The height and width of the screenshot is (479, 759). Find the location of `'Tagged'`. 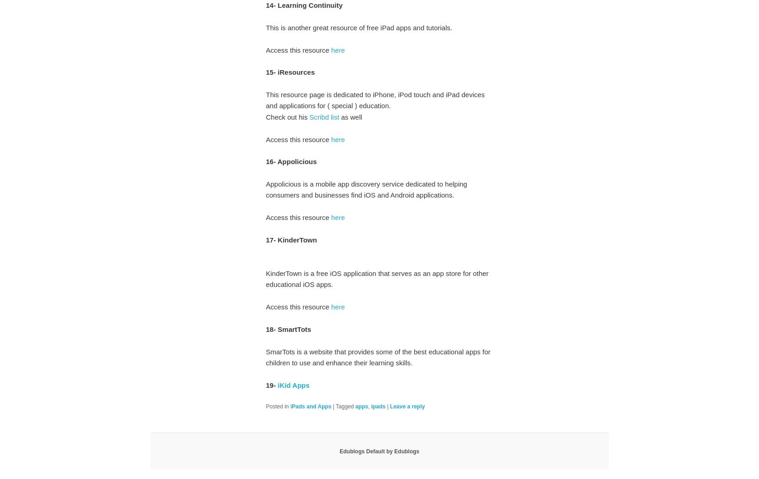

'Tagged' is located at coordinates (335, 406).